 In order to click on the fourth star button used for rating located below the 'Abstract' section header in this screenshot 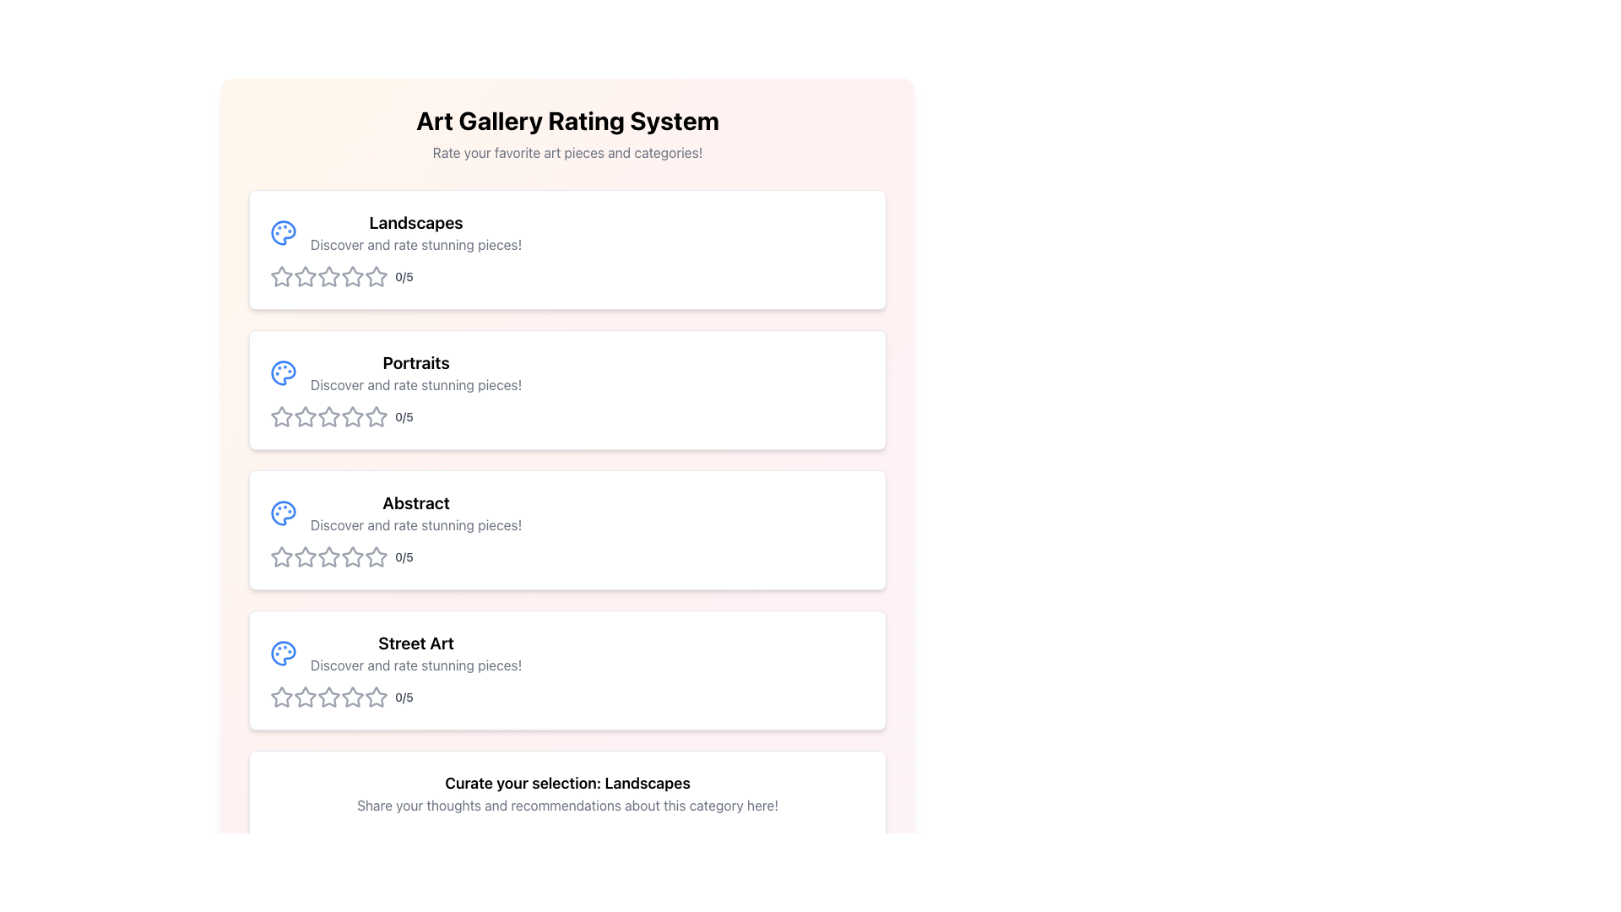, I will do `click(328, 556)`.